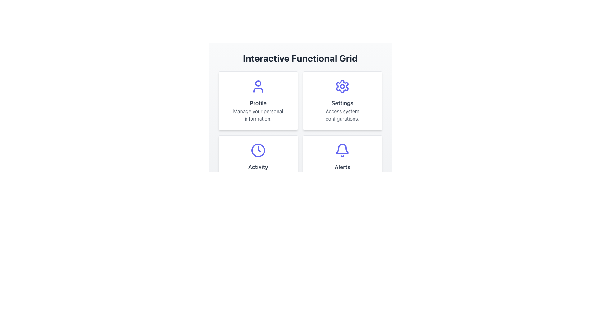 The width and height of the screenshot is (596, 335). I want to click on the 'Activity' icon located in the bottom-left section of the grid, which signifies recent interactions or activities, so click(258, 150).